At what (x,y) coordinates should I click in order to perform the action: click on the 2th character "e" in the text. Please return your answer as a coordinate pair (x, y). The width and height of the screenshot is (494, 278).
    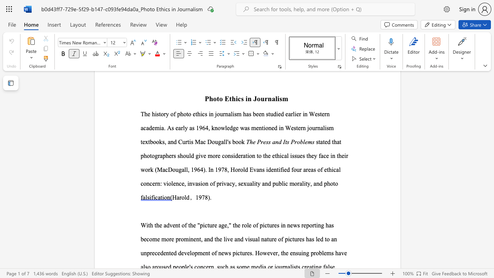
    Looking at the image, I should click on (285, 169).